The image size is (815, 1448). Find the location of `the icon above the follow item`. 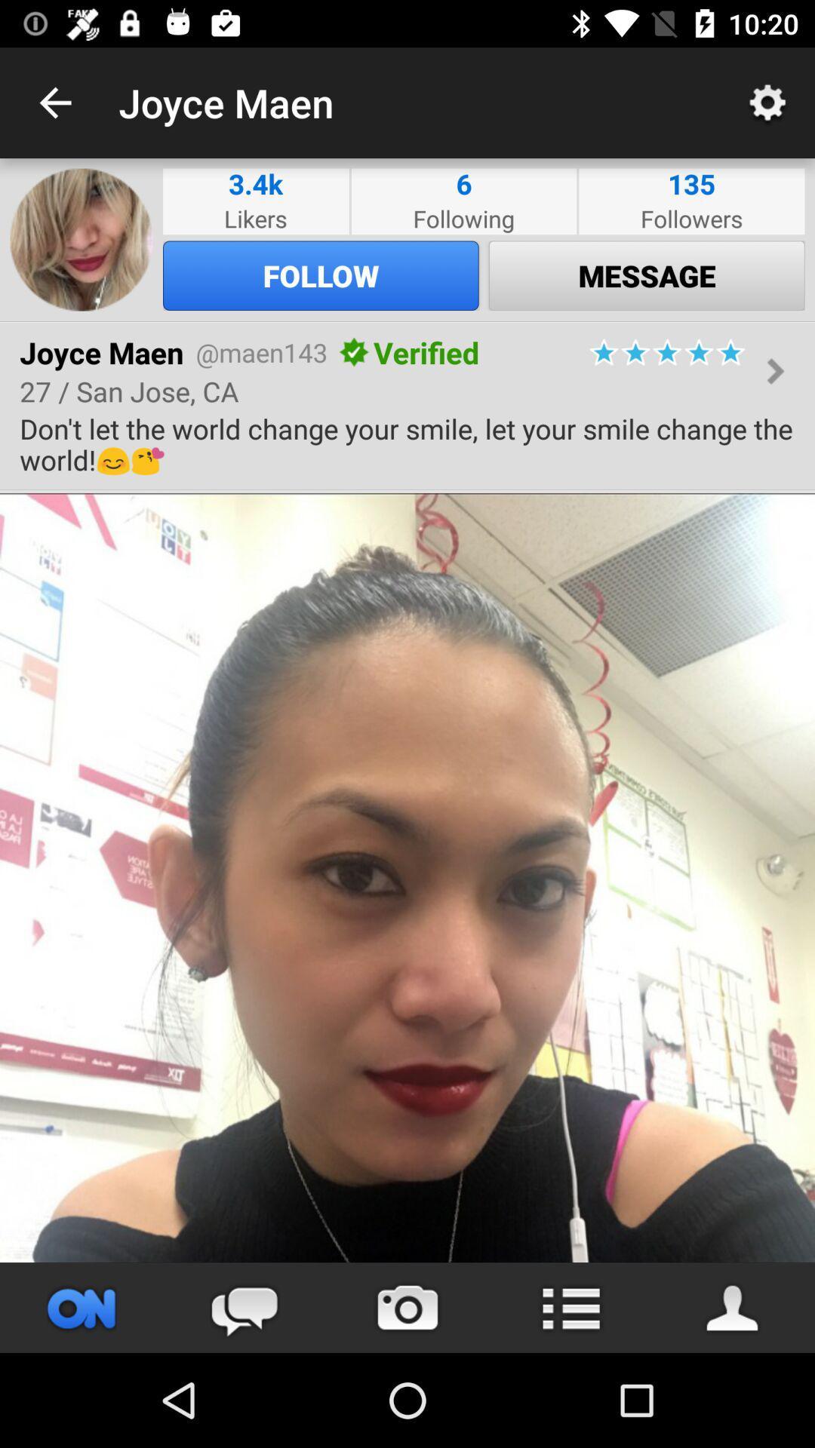

the icon above the follow item is located at coordinates (463, 217).